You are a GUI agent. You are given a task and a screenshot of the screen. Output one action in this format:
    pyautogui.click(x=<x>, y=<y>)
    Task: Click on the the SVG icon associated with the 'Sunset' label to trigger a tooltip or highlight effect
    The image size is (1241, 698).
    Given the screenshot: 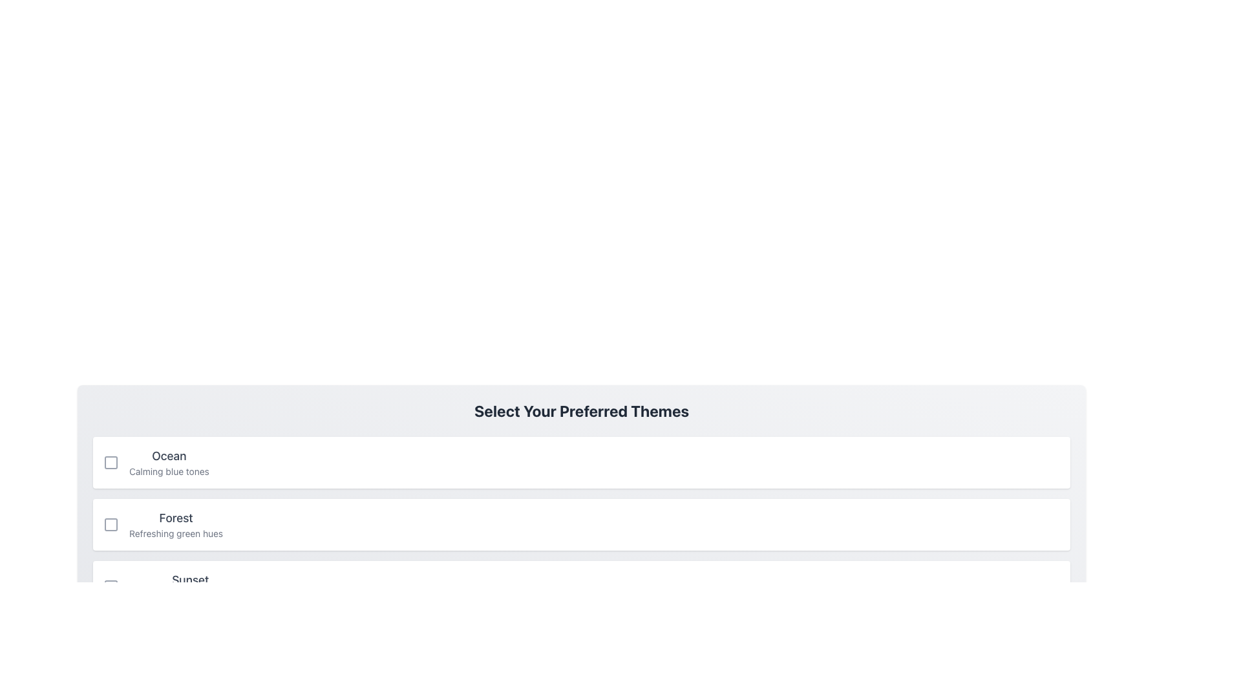 What is the action you would take?
    pyautogui.click(x=111, y=586)
    